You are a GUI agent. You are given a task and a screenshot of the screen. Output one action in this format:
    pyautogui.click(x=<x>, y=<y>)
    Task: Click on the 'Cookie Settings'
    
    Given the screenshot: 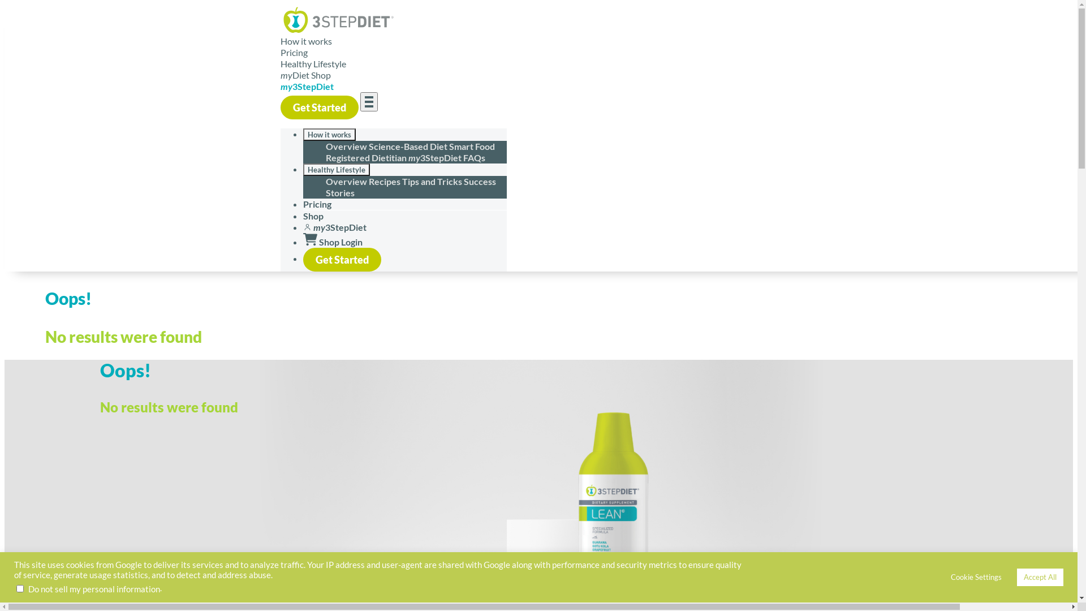 What is the action you would take?
    pyautogui.click(x=976, y=577)
    